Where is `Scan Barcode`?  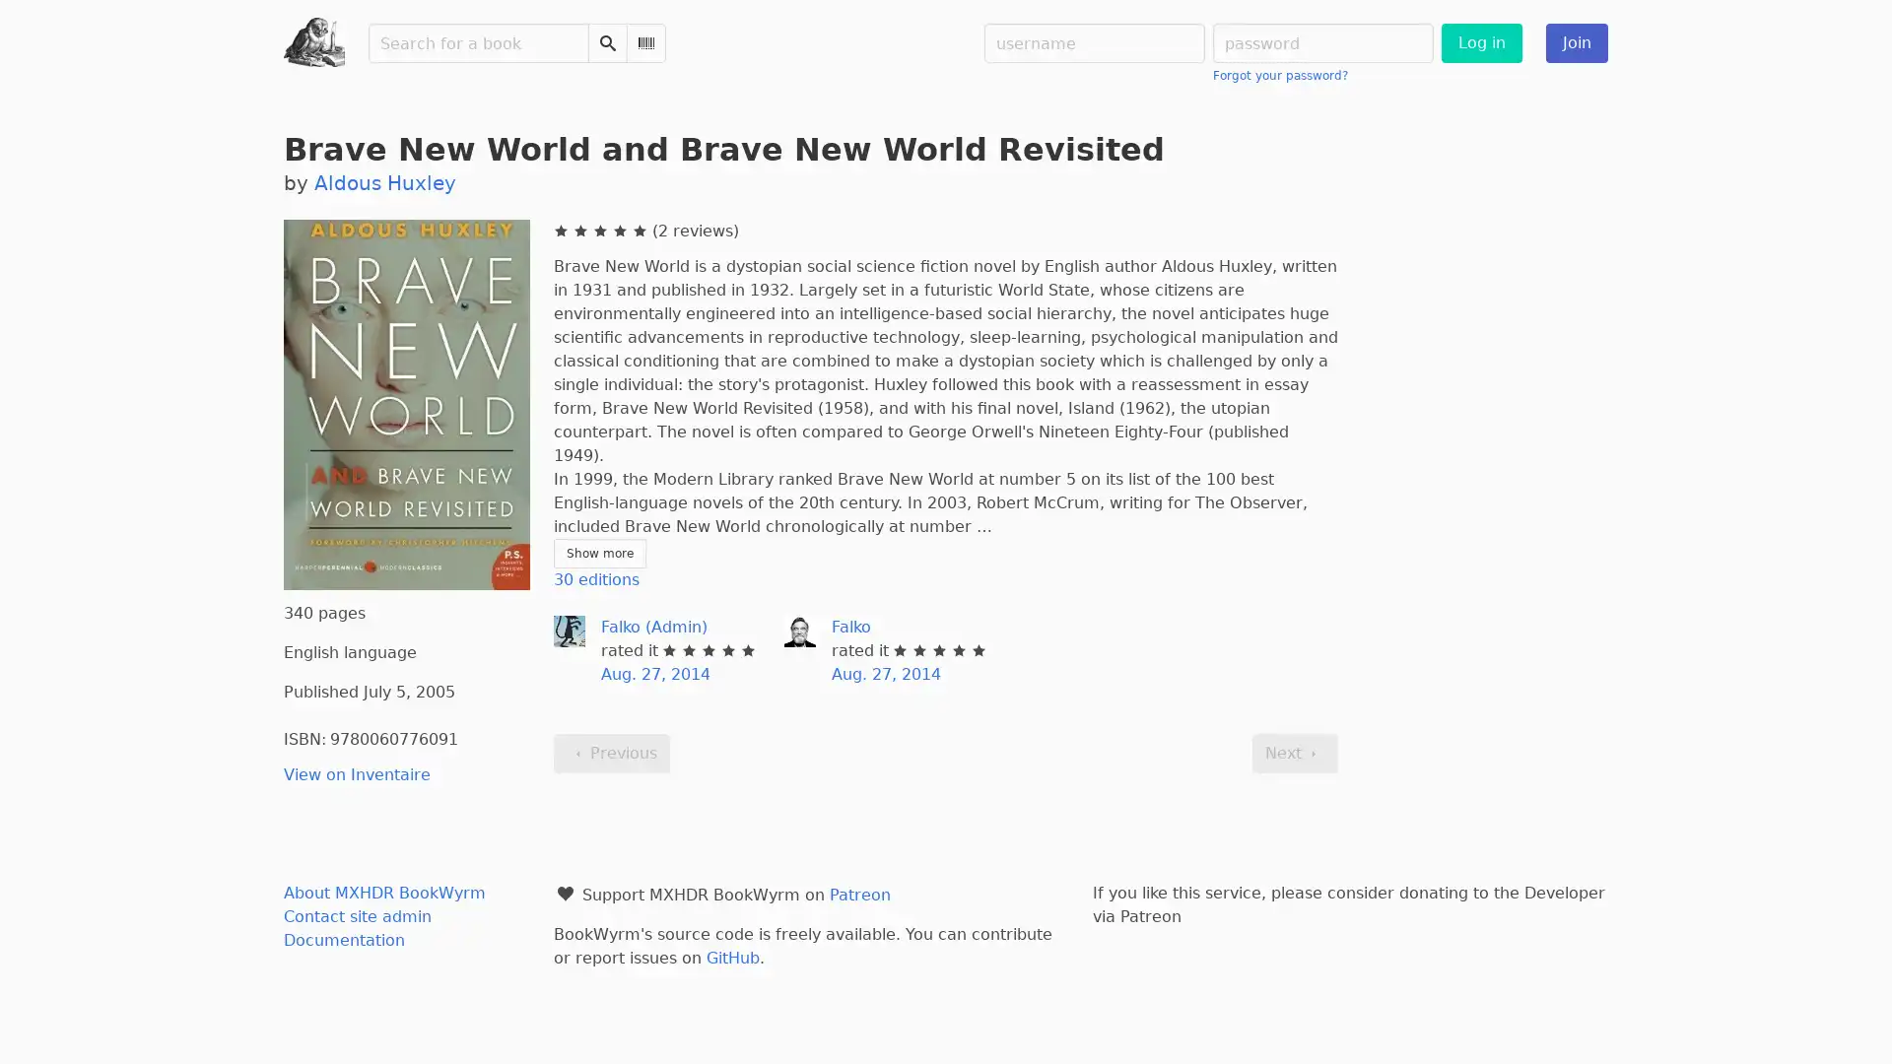 Scan Barcode is located at coordinates (646, 42).